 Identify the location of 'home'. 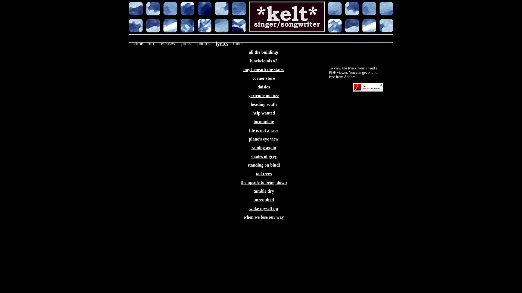
(137, 43).